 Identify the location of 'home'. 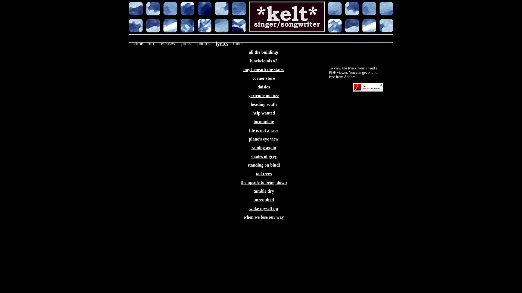
(137, 43).